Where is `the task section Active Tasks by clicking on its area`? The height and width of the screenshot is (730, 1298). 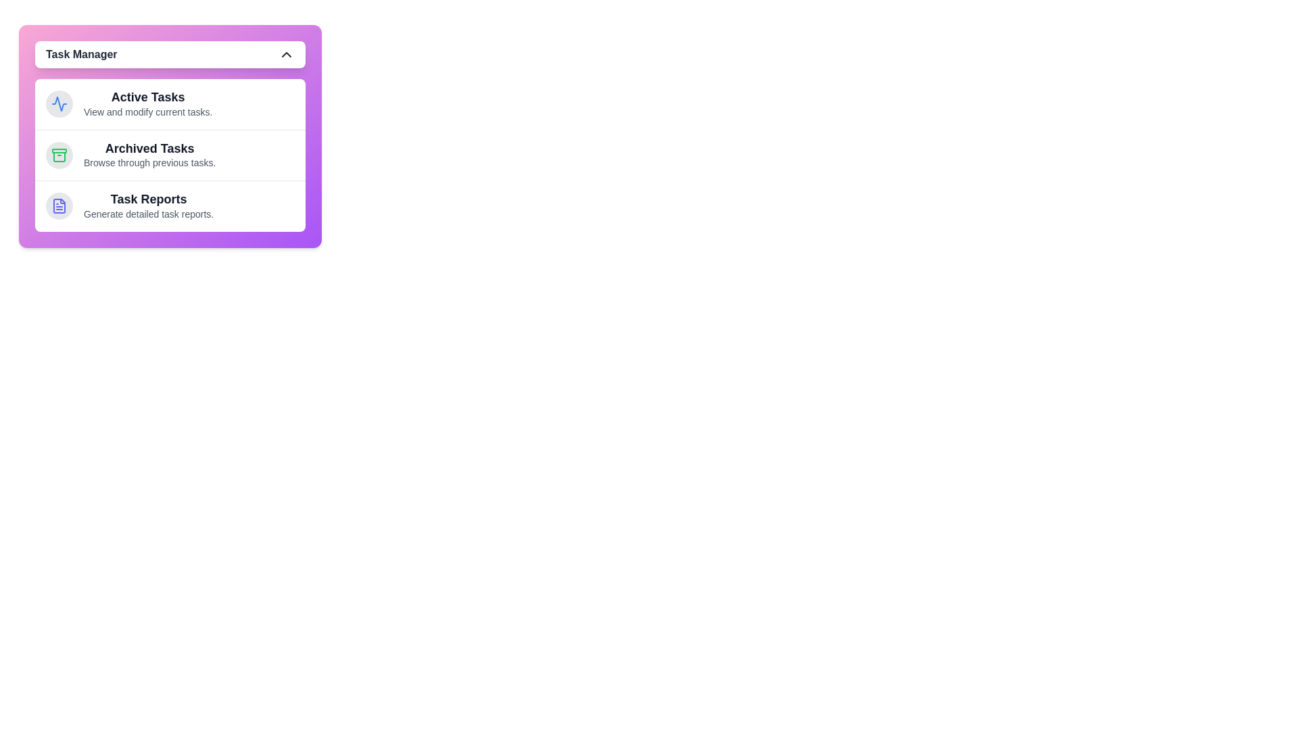 the task section Active Tasks by clicking on its area is located at coordinates (170, 103).